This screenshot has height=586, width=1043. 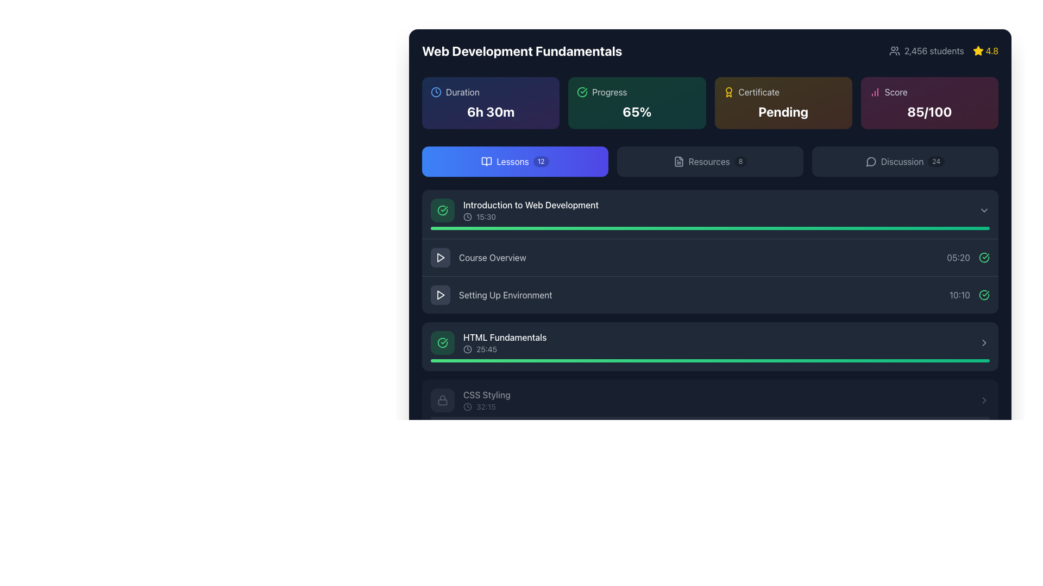 I want to click on text displayed in the gray Text label showing '05:20', which is located to the right of the 'Course Overview' lesson title in the Lessons section, so click(x=958, y=257).